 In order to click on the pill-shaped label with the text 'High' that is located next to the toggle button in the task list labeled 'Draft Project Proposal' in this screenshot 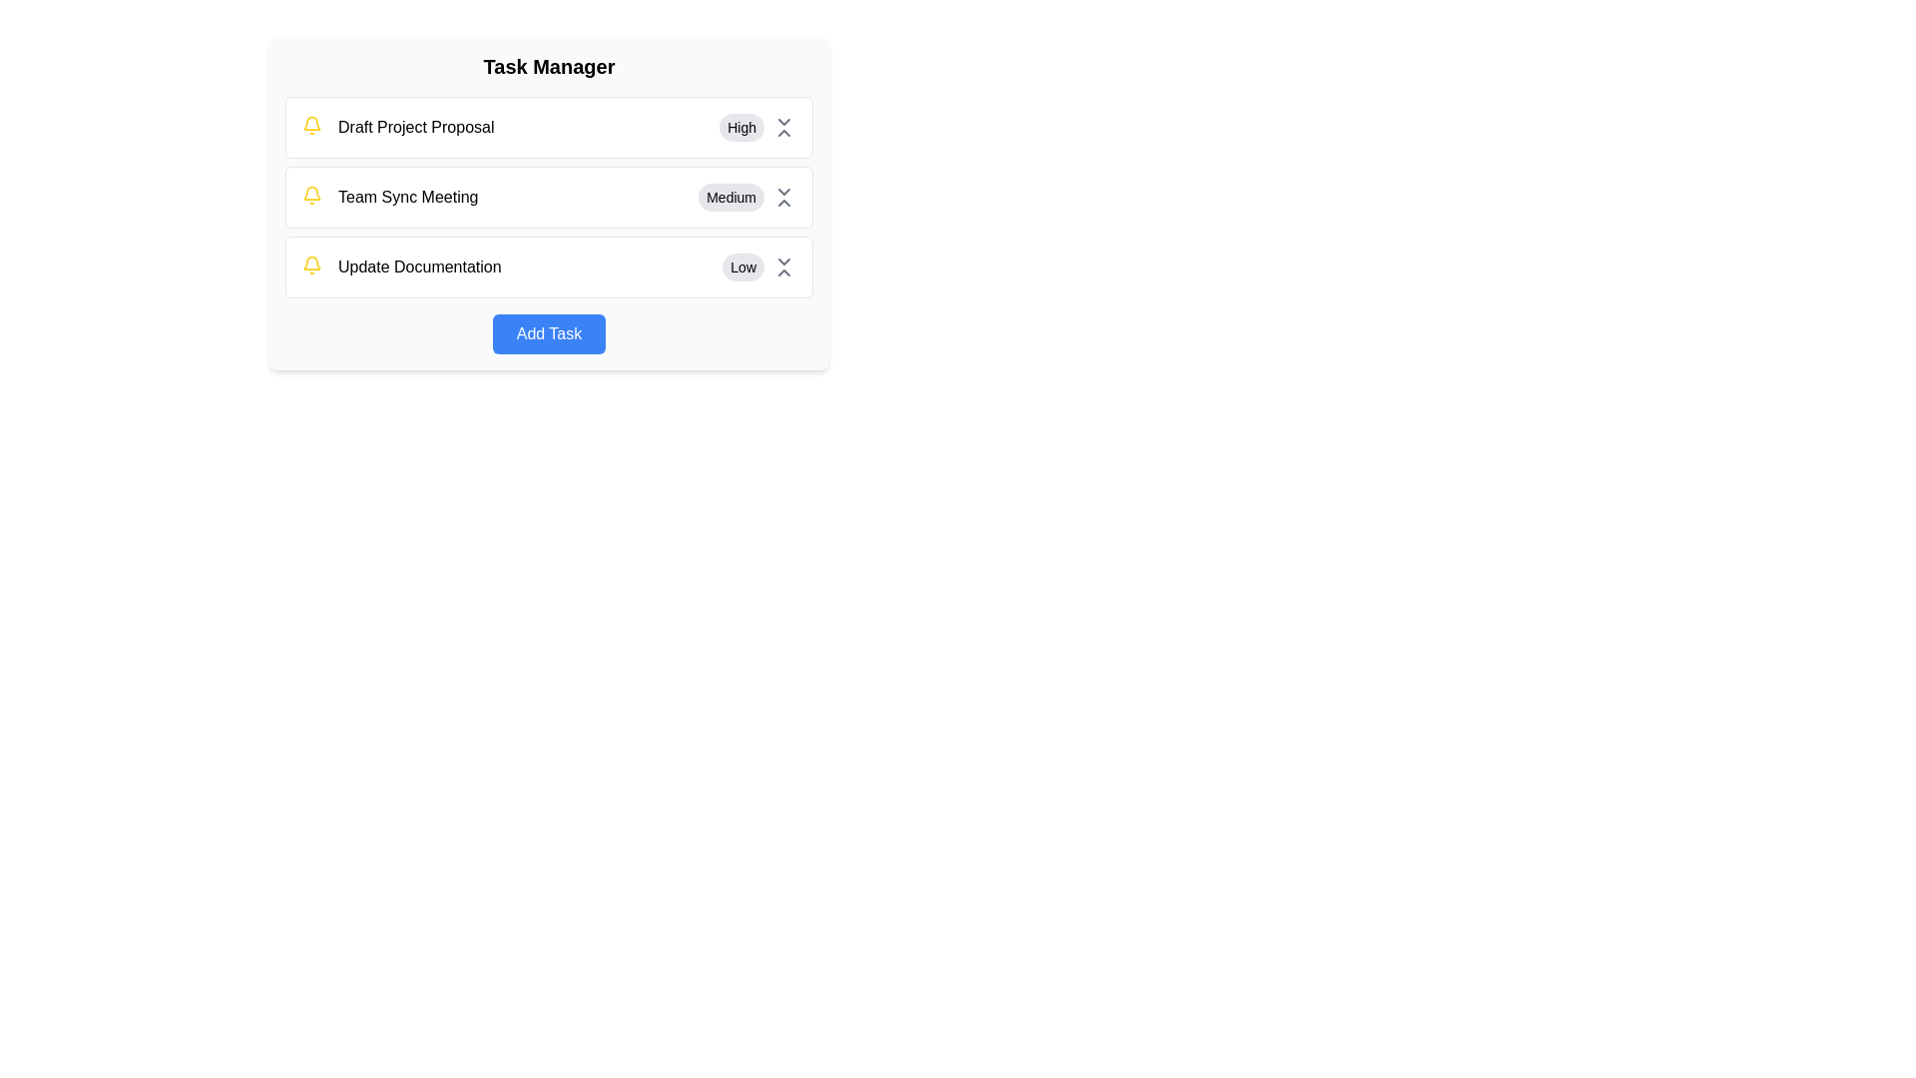, I will do `click(756, 127)`.